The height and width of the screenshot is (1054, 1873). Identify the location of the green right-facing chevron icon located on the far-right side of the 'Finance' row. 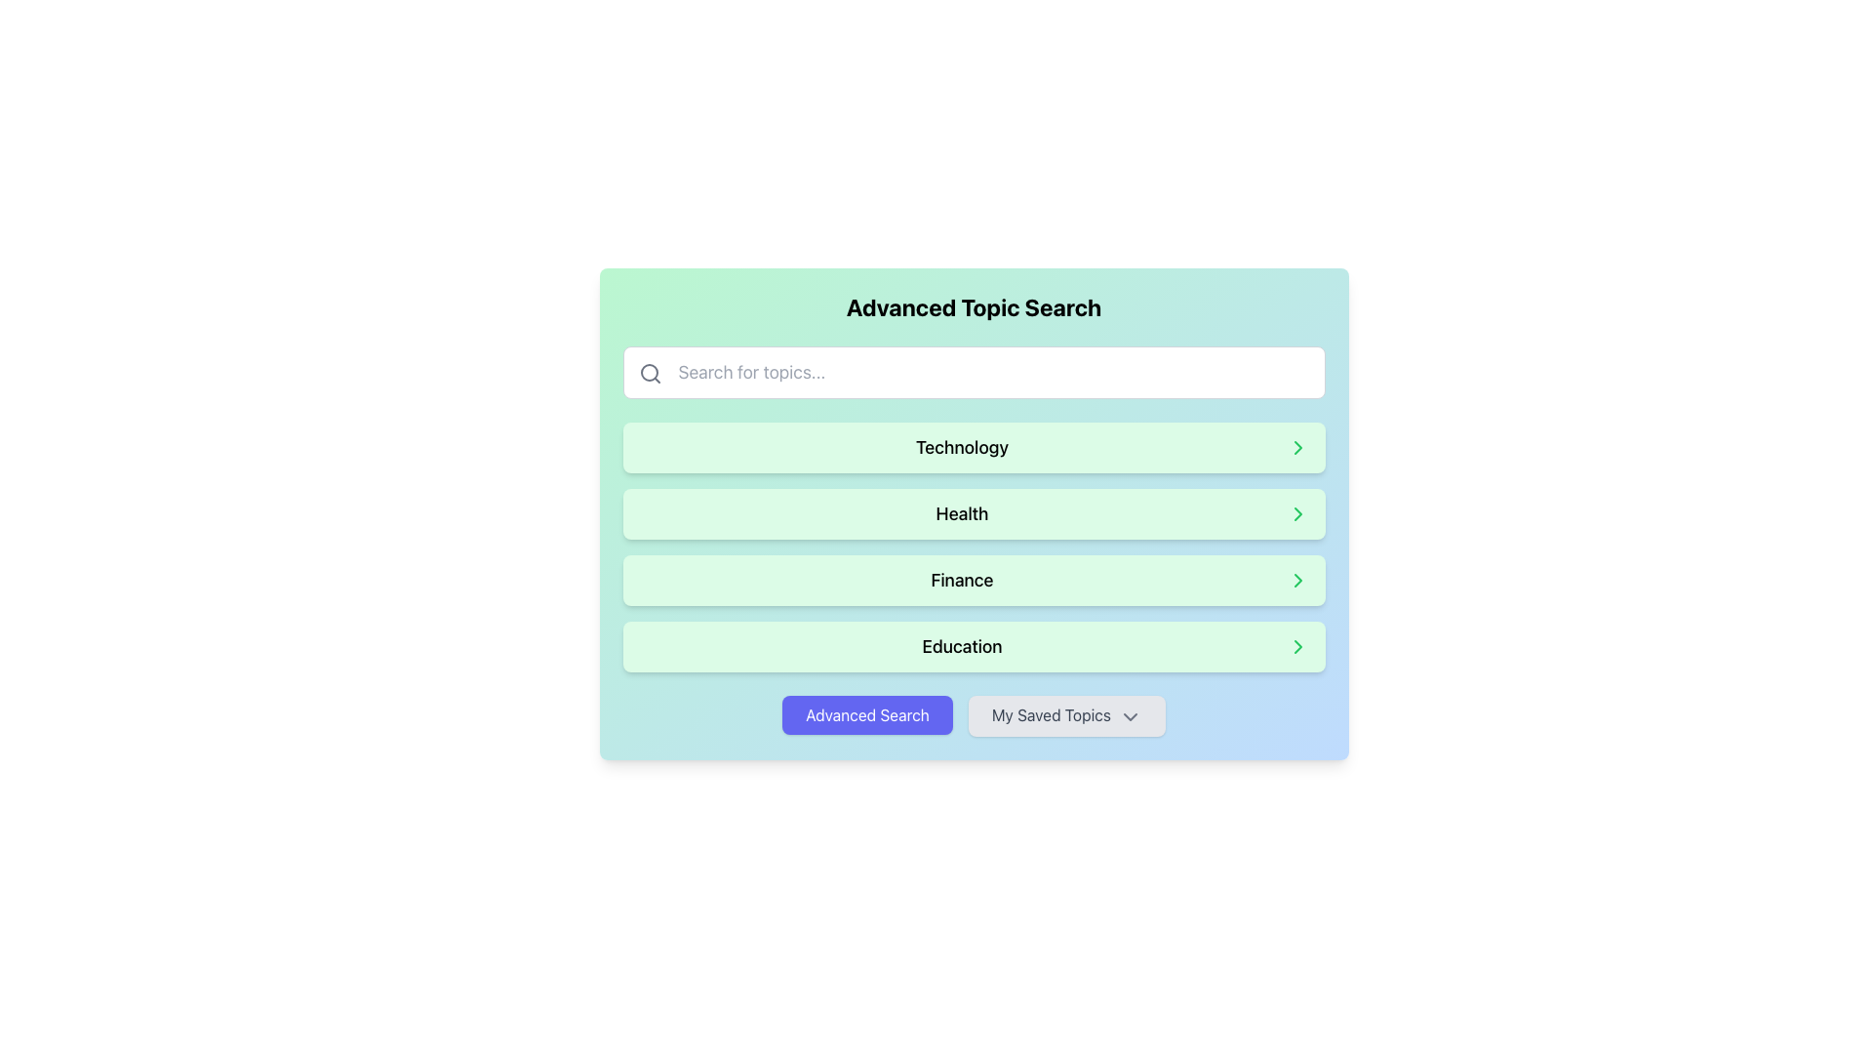
(1297, 579).